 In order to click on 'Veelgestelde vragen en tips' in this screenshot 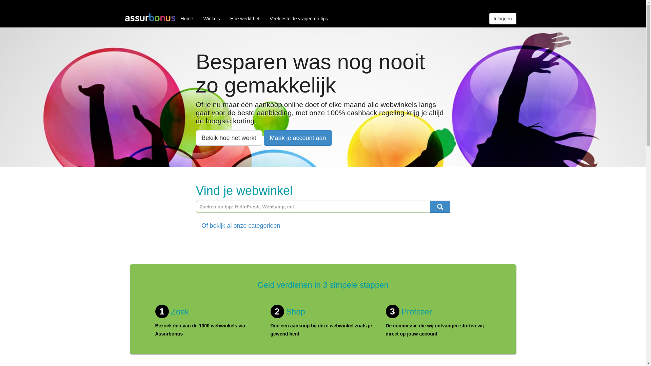, I will do `click(298, 18)`.